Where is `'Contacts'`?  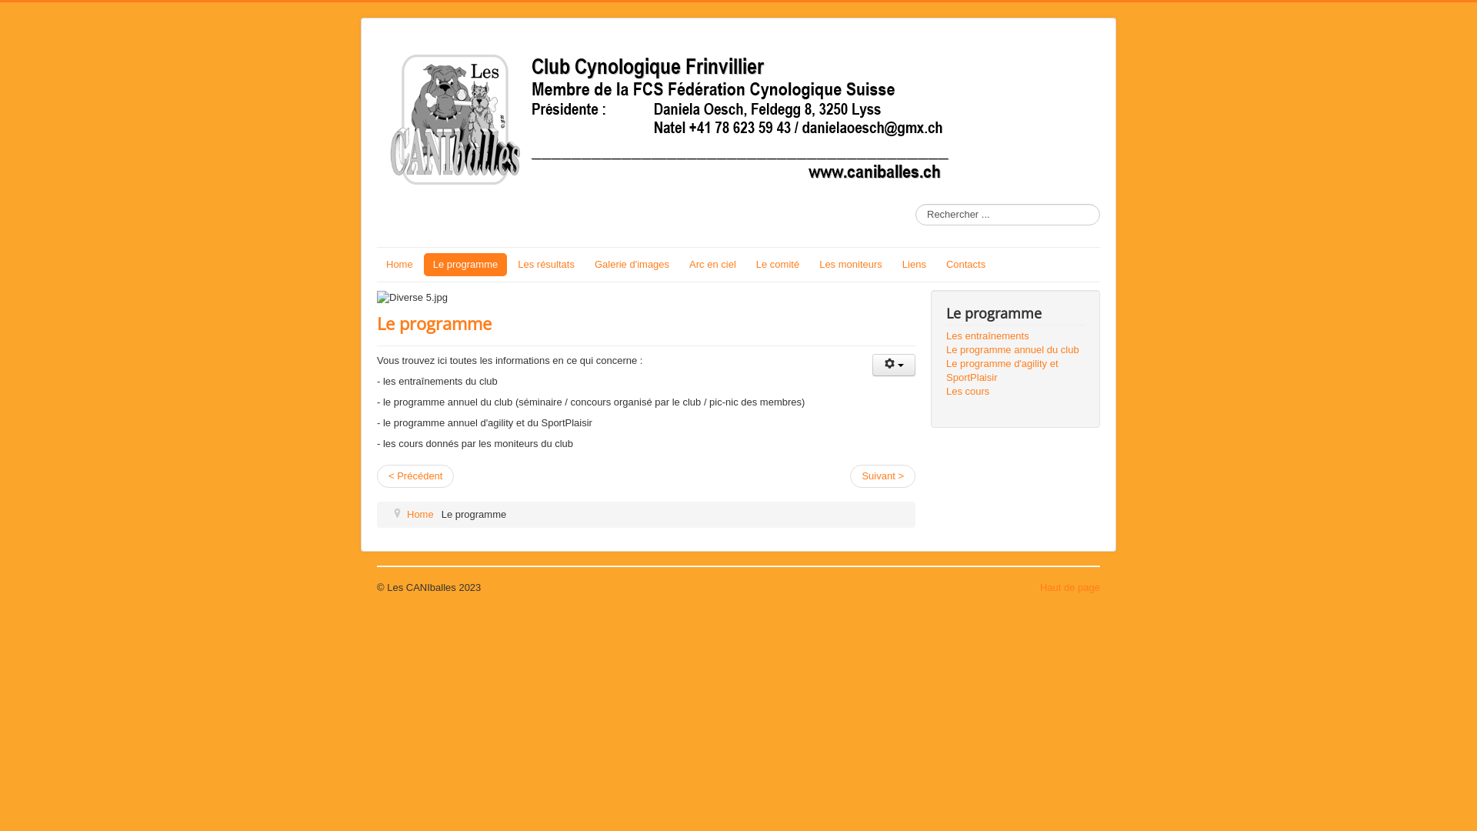
'Contacts' is located at coordinates (965, 263).